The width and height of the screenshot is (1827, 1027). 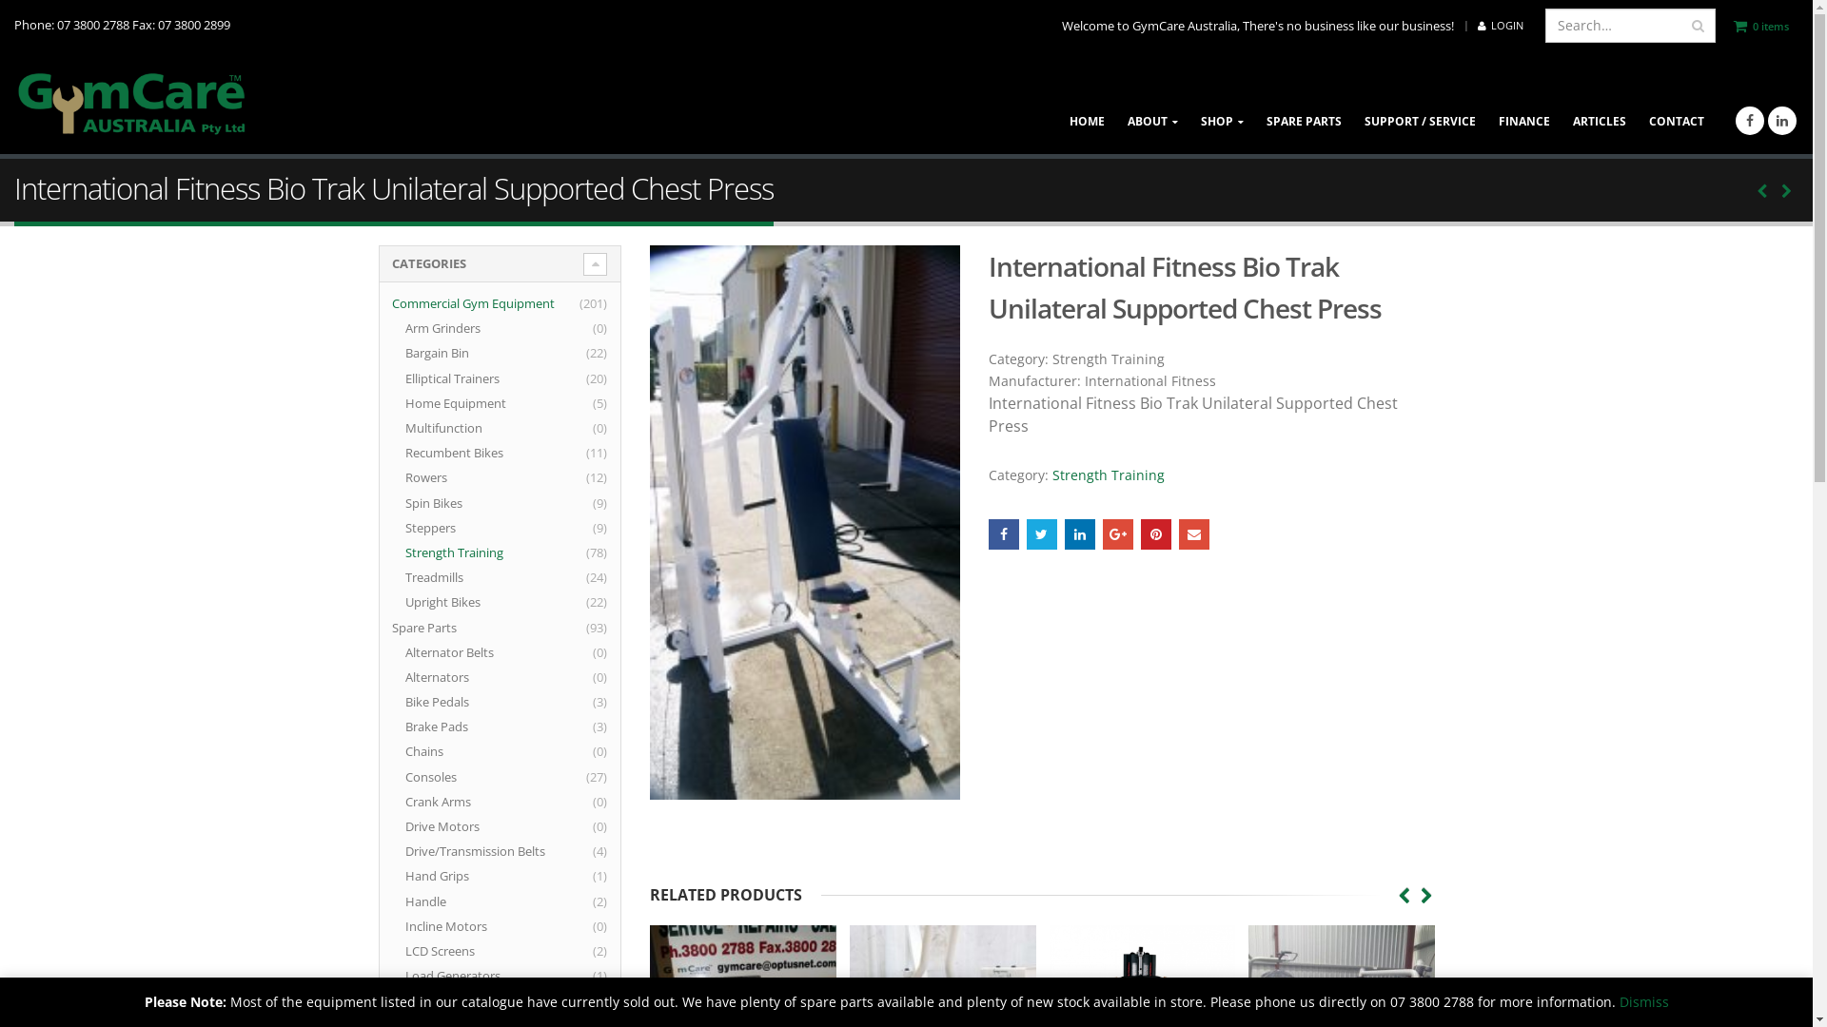 I want to click on 'Twitter', so click(x=1040, y=534).